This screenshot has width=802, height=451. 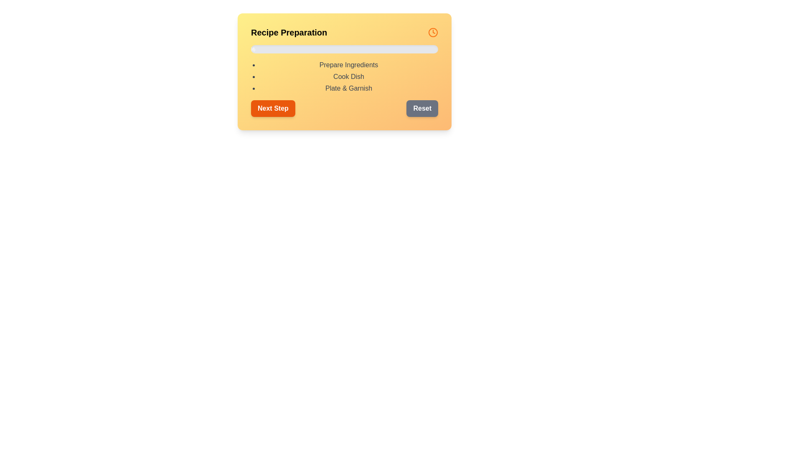 What do you see at coordinates (349, 64) in the screenshot?
I see `the 'Prepare Ingredients' text label, which is the first item in a vertical list under the 'Recipe Preparation' heading, styled in gray on an orange background` at bounding box center [349, 64].